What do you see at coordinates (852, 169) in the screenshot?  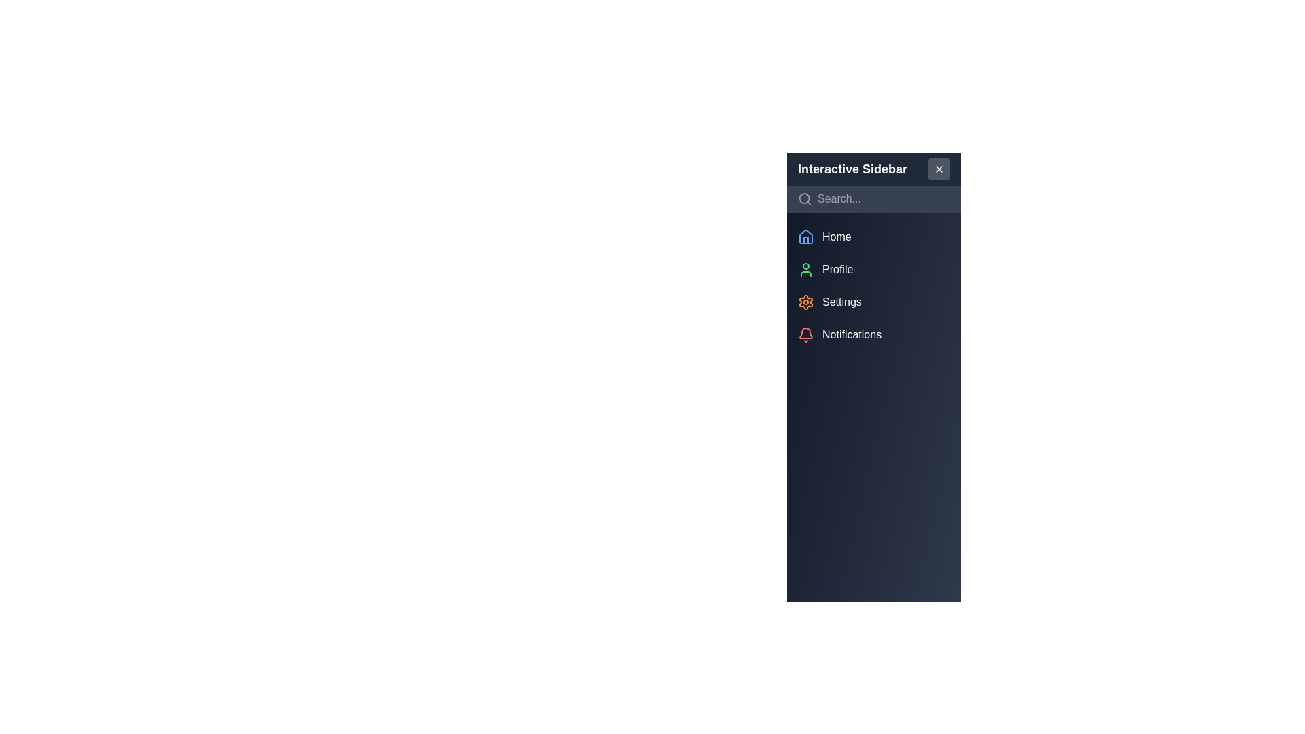 I see `the 'Interactive Sidebar' text element, which is bold and prominently displayed on a dark background at the top of the sidebar panel` at bounding box center [852, 169].